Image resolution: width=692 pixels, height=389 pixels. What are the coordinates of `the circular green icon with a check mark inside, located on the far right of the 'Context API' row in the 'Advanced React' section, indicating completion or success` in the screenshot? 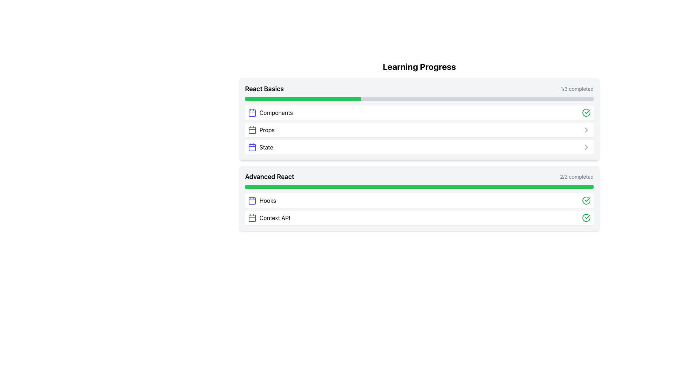 It's located at (586, 218).